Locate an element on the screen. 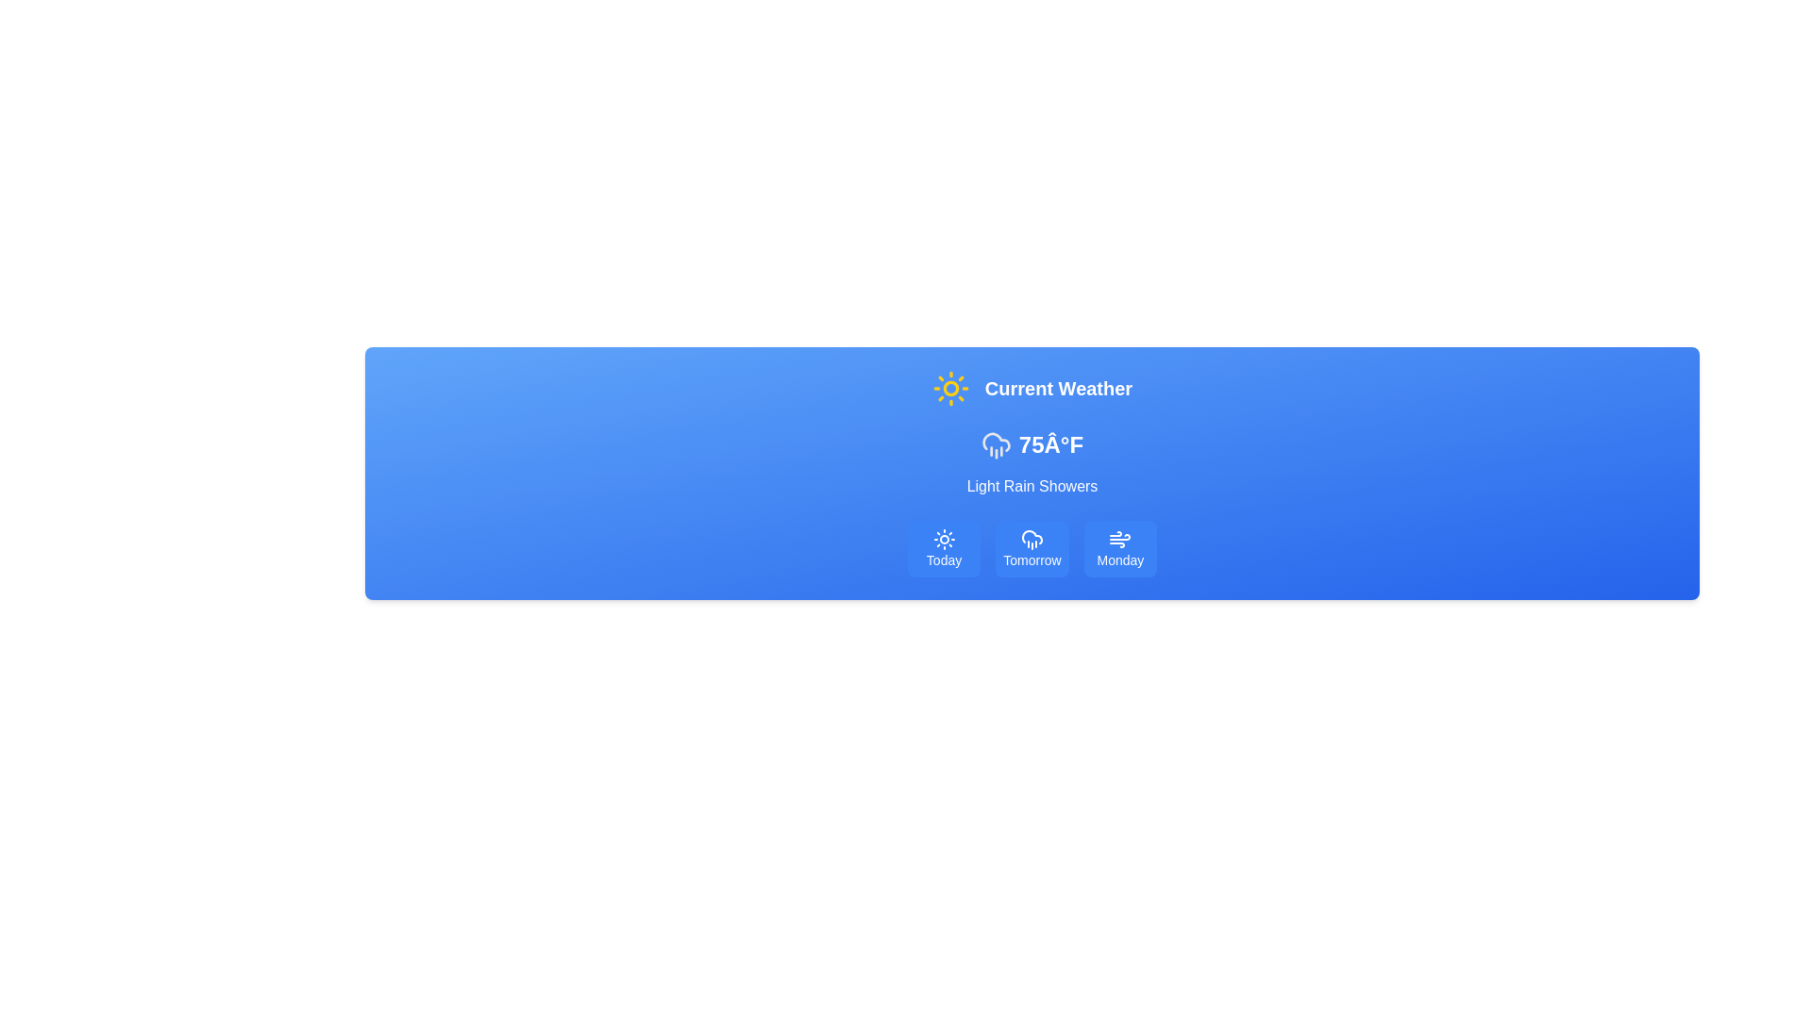  the weather icon depicting a cloud with rain drops, styled in gray, located to the left of the text '75°F' is located at coordinates (995, 444).